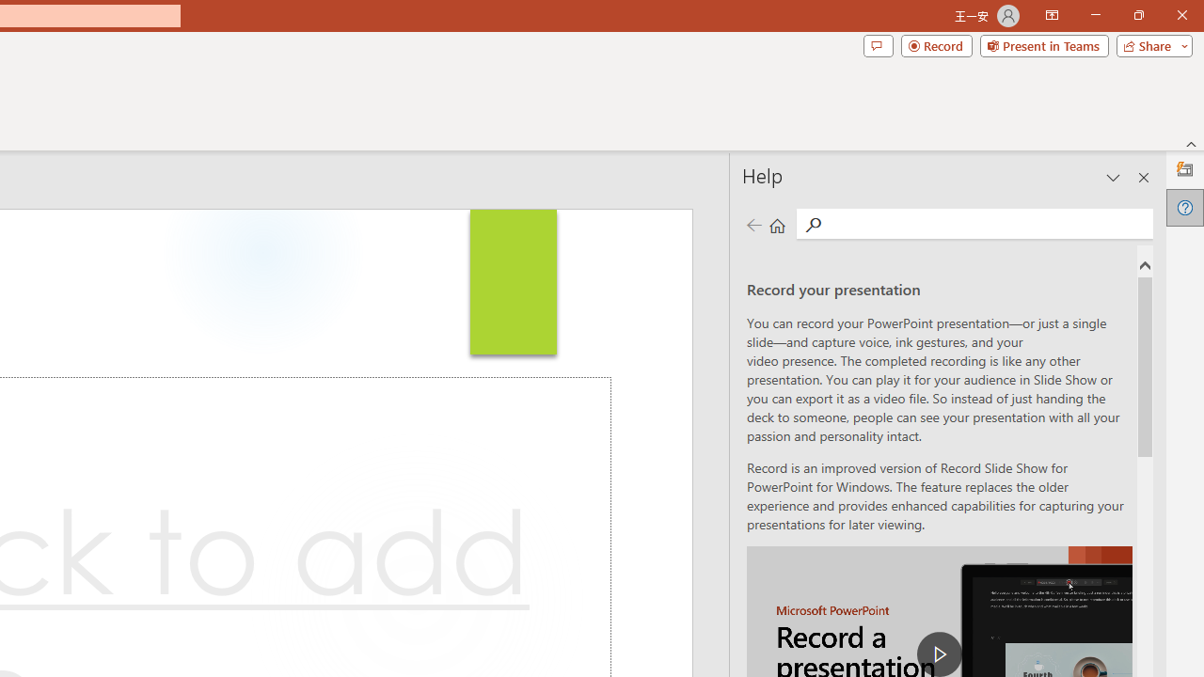  I want to click on 'Task Pane Options', so click(1114, 178).